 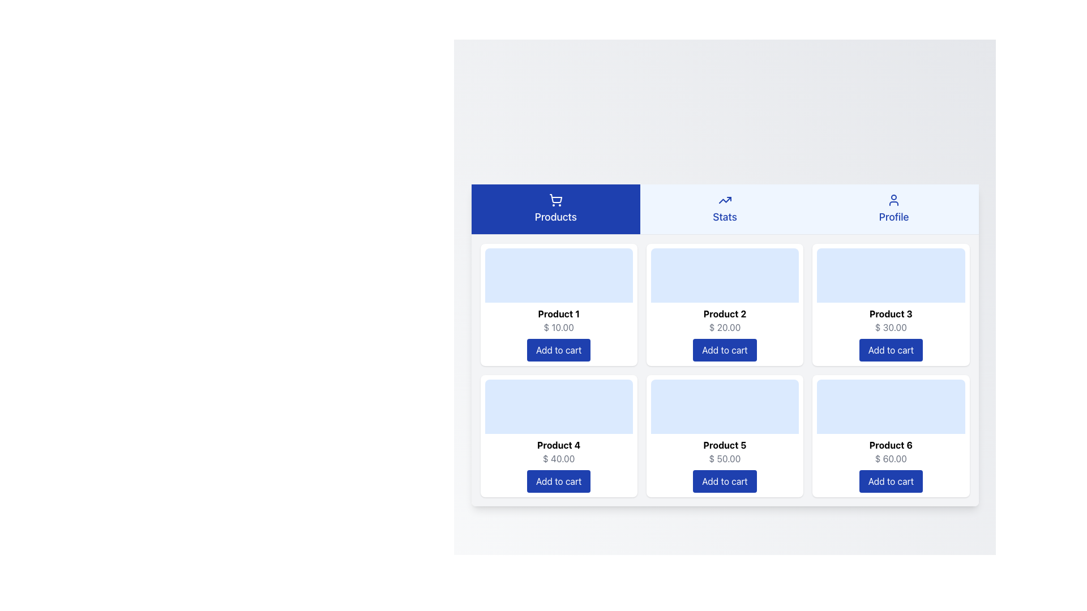 What do you see at coordinates (725, 275) in the screenshot?
I see `the decorative placeholder element located at the top of the card for 'Product 2', which is aligned with other product cards in the layout` at bounding box center [725, 275].